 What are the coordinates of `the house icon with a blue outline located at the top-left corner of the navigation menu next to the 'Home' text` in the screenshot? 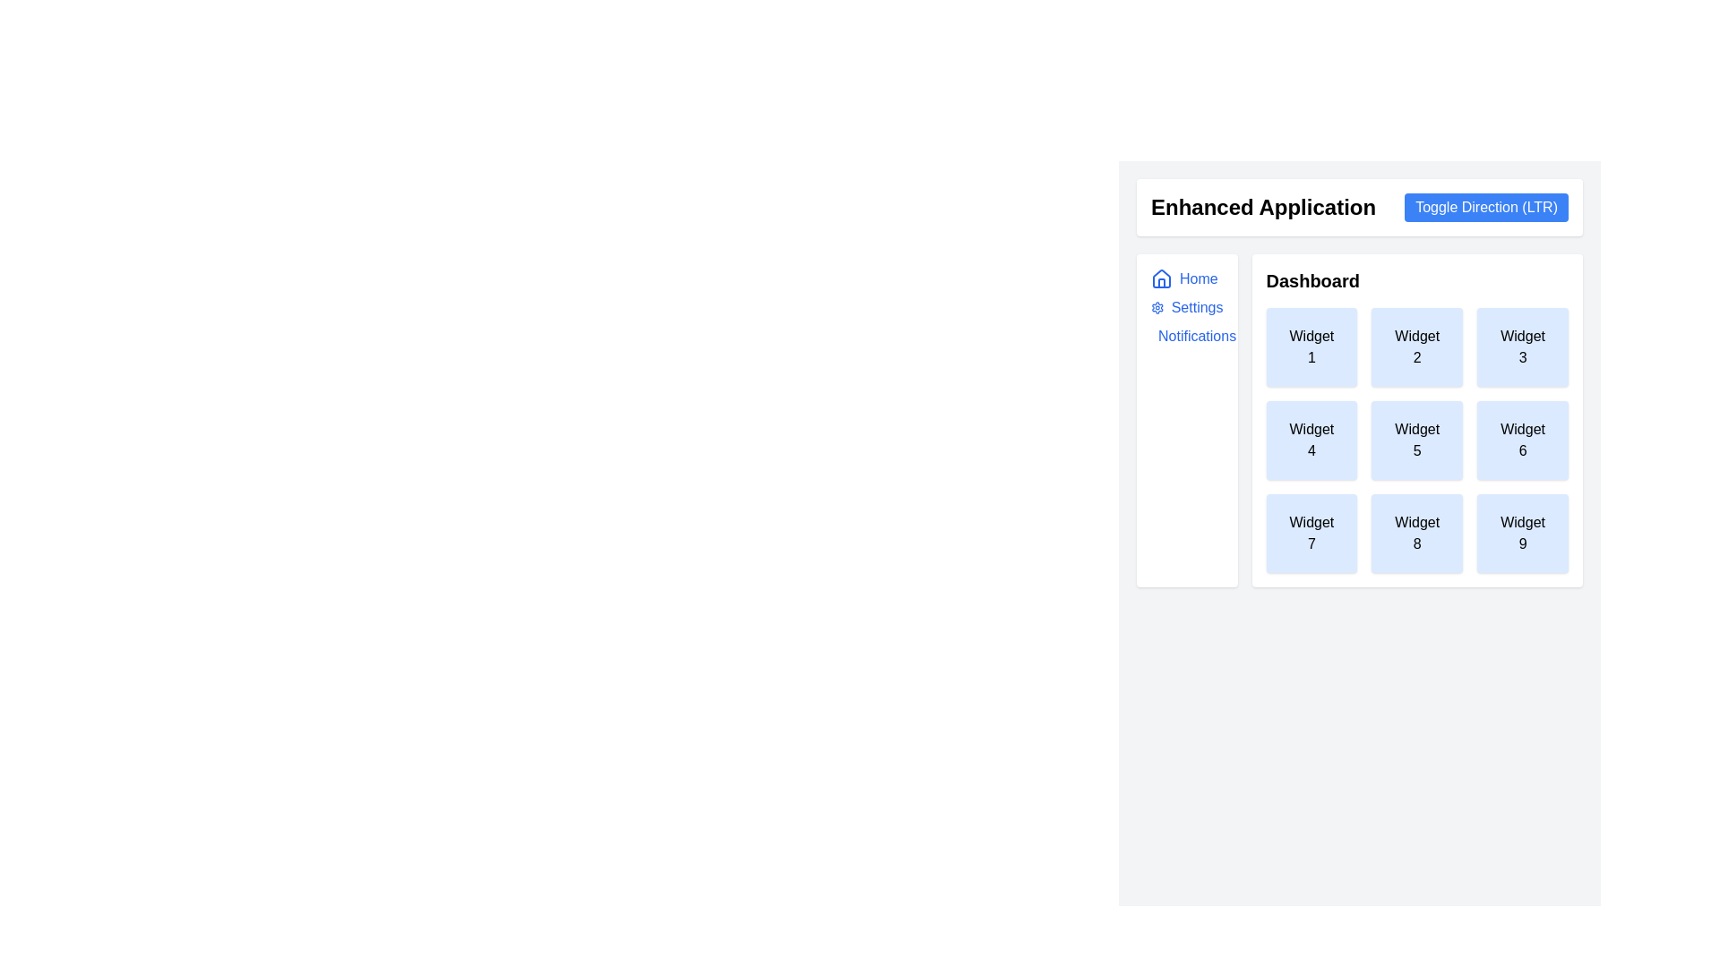 It's located at (1161, 279).